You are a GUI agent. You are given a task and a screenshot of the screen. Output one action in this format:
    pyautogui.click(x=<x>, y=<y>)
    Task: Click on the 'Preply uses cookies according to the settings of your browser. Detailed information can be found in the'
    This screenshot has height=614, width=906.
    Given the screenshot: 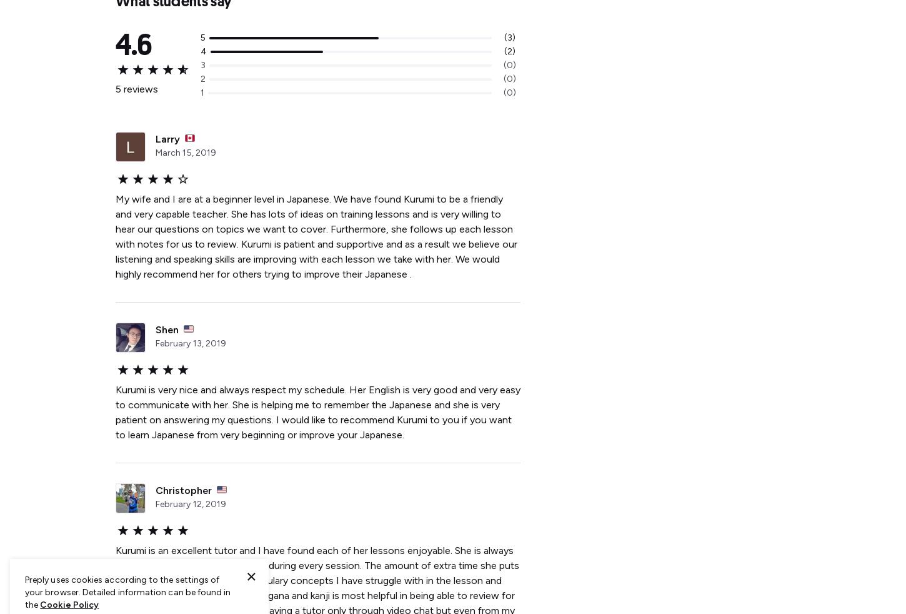 What is the action you would take?
    pyautogui.click(x=127, y=592)
    